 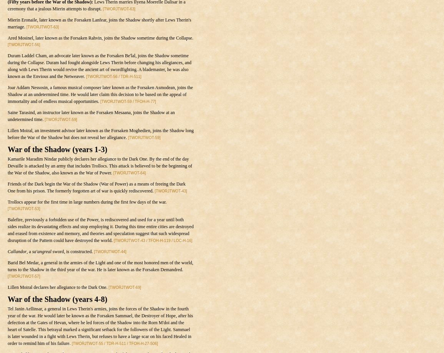 What do you see at coordinates (170, 191) in the screenshot?
I see `'[TWORJTWOT-43]'` at bounding box center [170, 191].